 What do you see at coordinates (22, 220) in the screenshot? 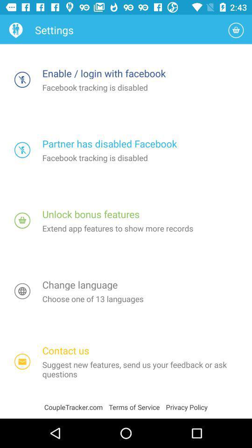
I see `unlock bonus features` at bounding box center [22, 220].